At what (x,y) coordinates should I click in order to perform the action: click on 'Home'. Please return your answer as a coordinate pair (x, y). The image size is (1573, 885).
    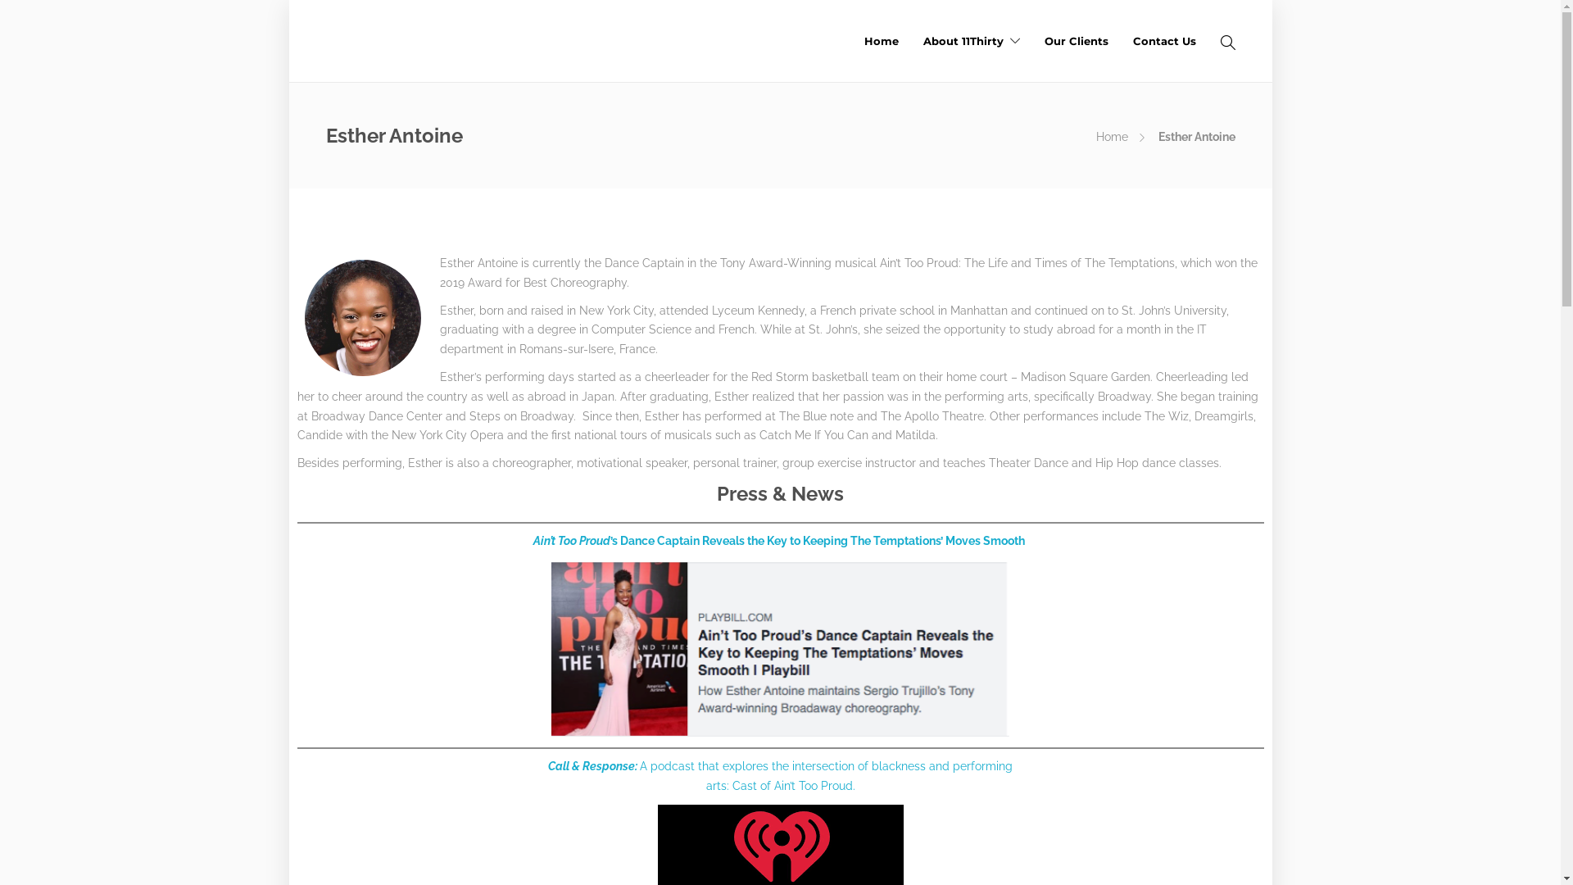
    Looking at the image, I should click on (880, 40).